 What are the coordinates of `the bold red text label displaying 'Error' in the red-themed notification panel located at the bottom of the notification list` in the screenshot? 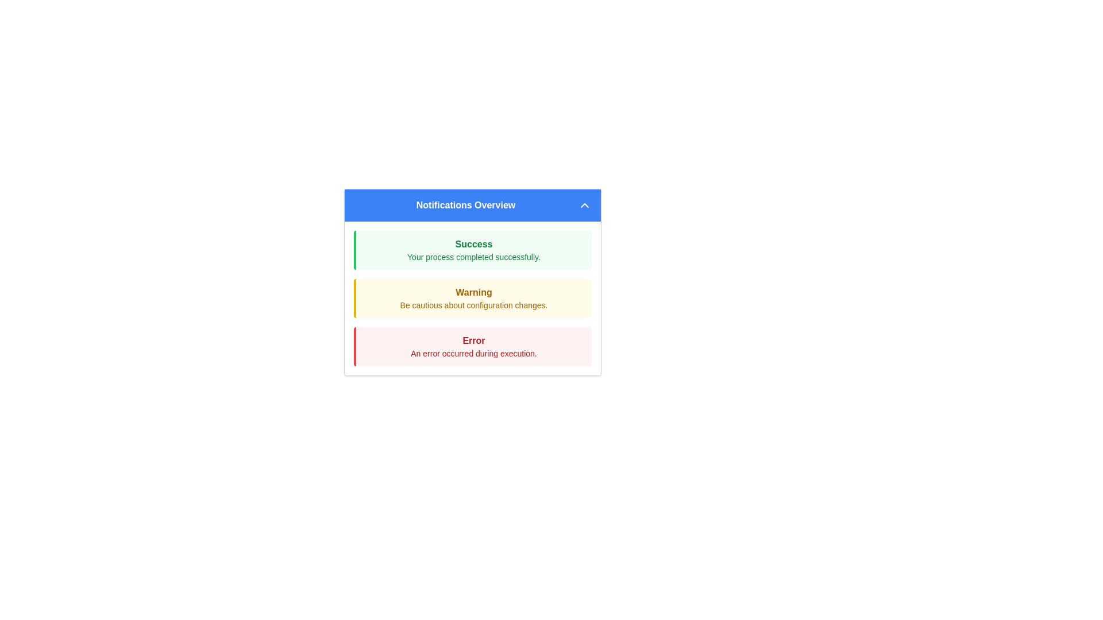 It's located at (474, 340).